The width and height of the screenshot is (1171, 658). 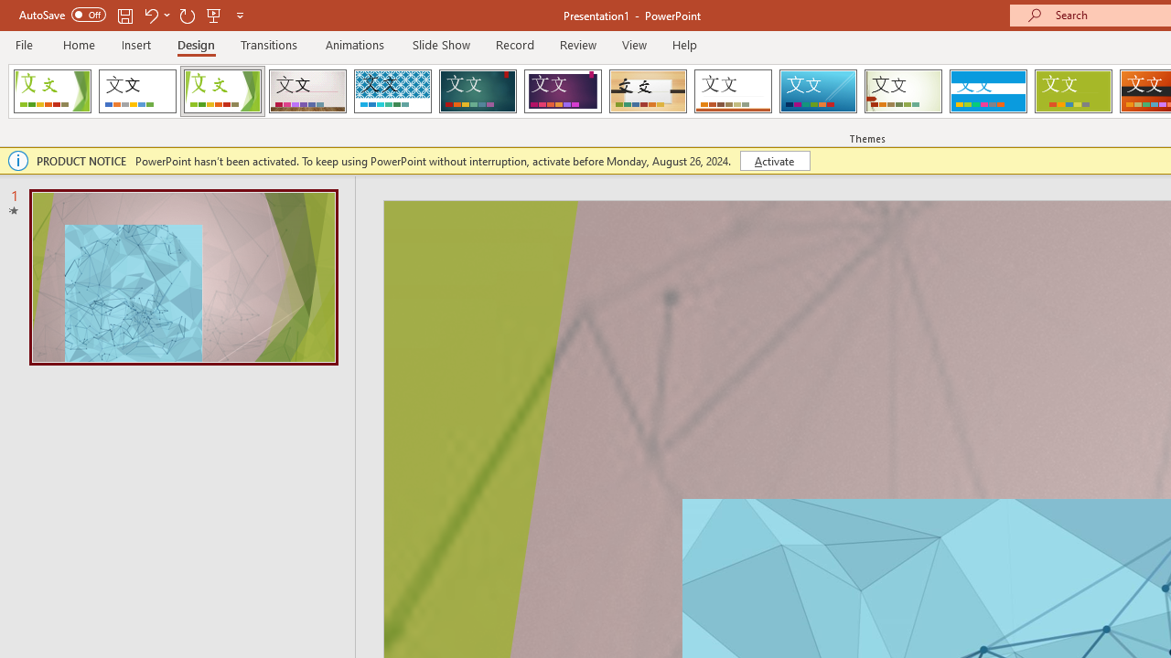 I want to click on 'Office Theme', so click(x=136, y=91).